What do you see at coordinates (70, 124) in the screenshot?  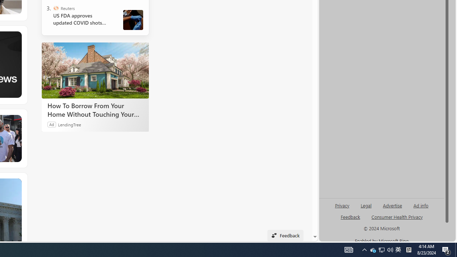 I see `'LendingTree'` at bounding box center [70, 124].